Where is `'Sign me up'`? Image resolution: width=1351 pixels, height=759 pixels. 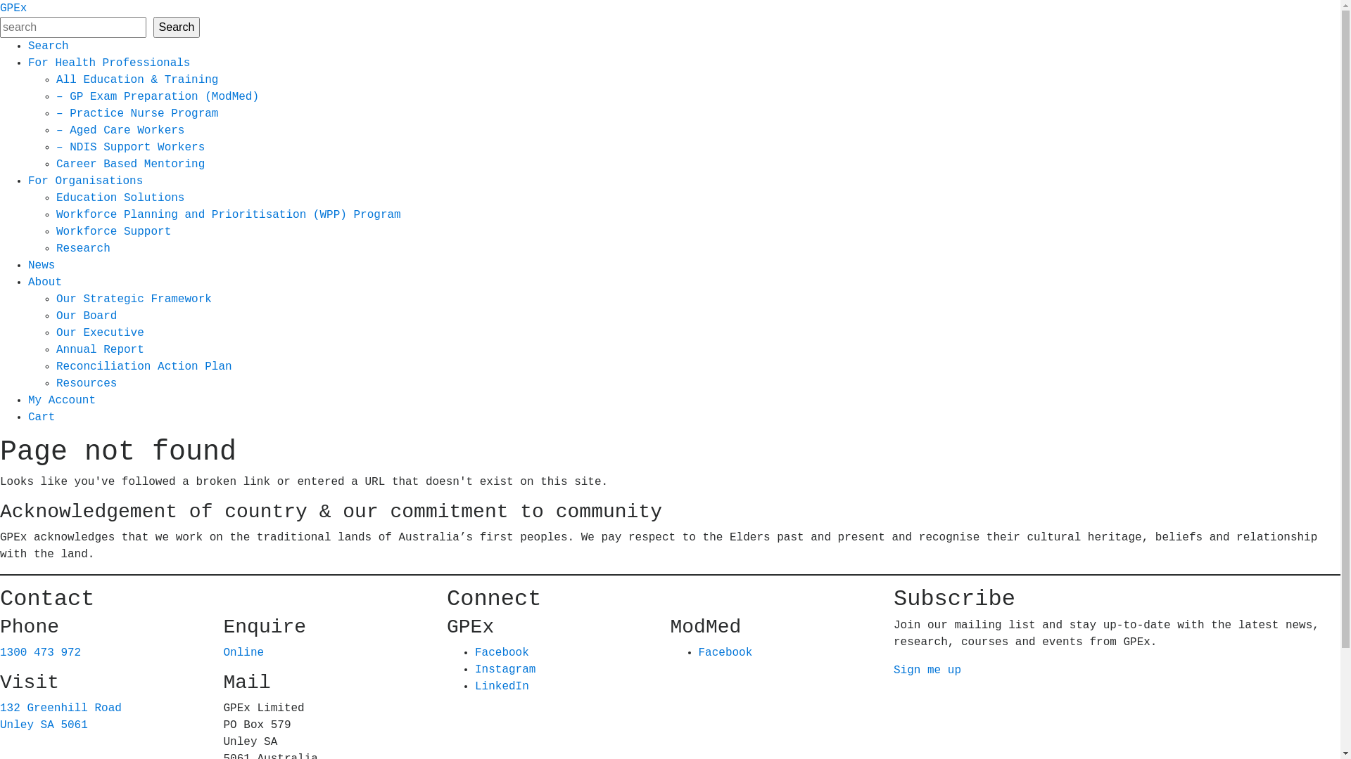 'Sign me up' is located at coordinates (893, 669).